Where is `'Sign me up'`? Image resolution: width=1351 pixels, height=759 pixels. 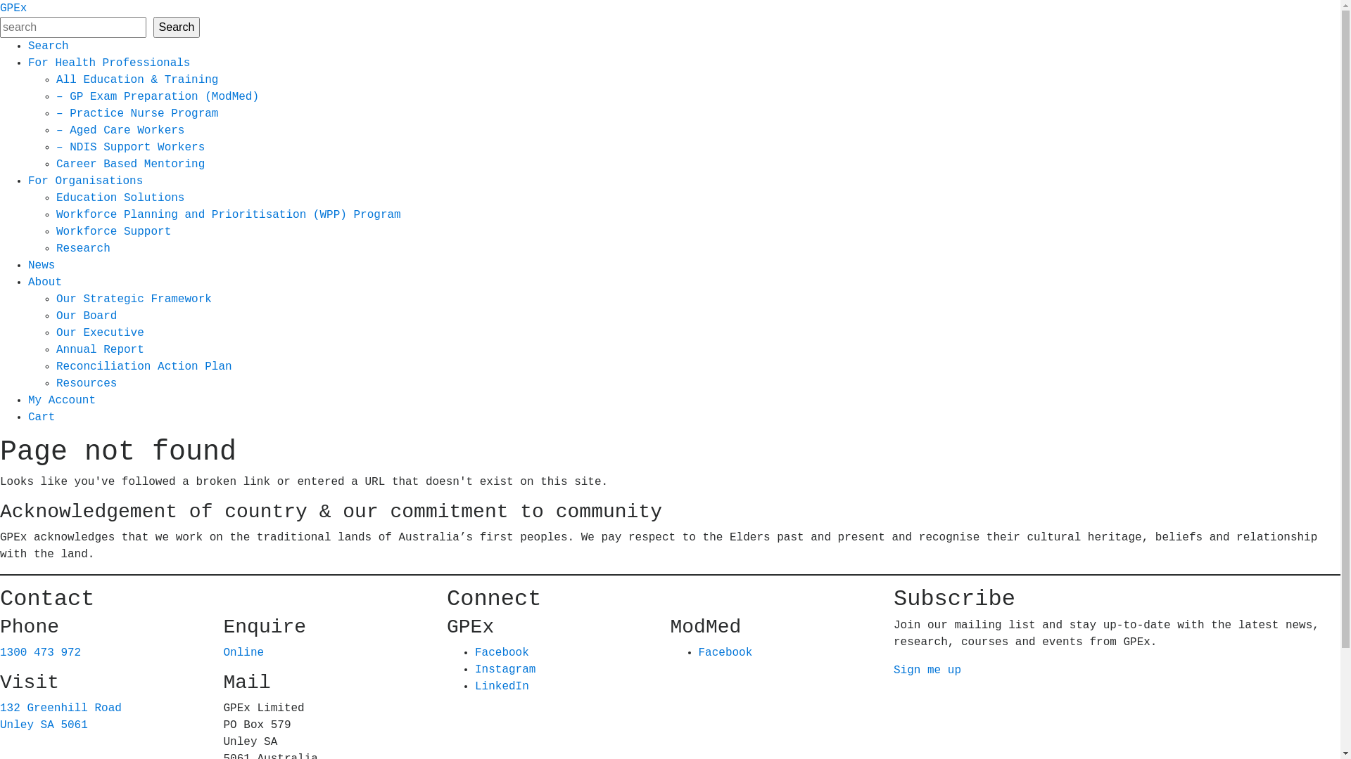 'Sign me up' is located at coordinates (893, 669).